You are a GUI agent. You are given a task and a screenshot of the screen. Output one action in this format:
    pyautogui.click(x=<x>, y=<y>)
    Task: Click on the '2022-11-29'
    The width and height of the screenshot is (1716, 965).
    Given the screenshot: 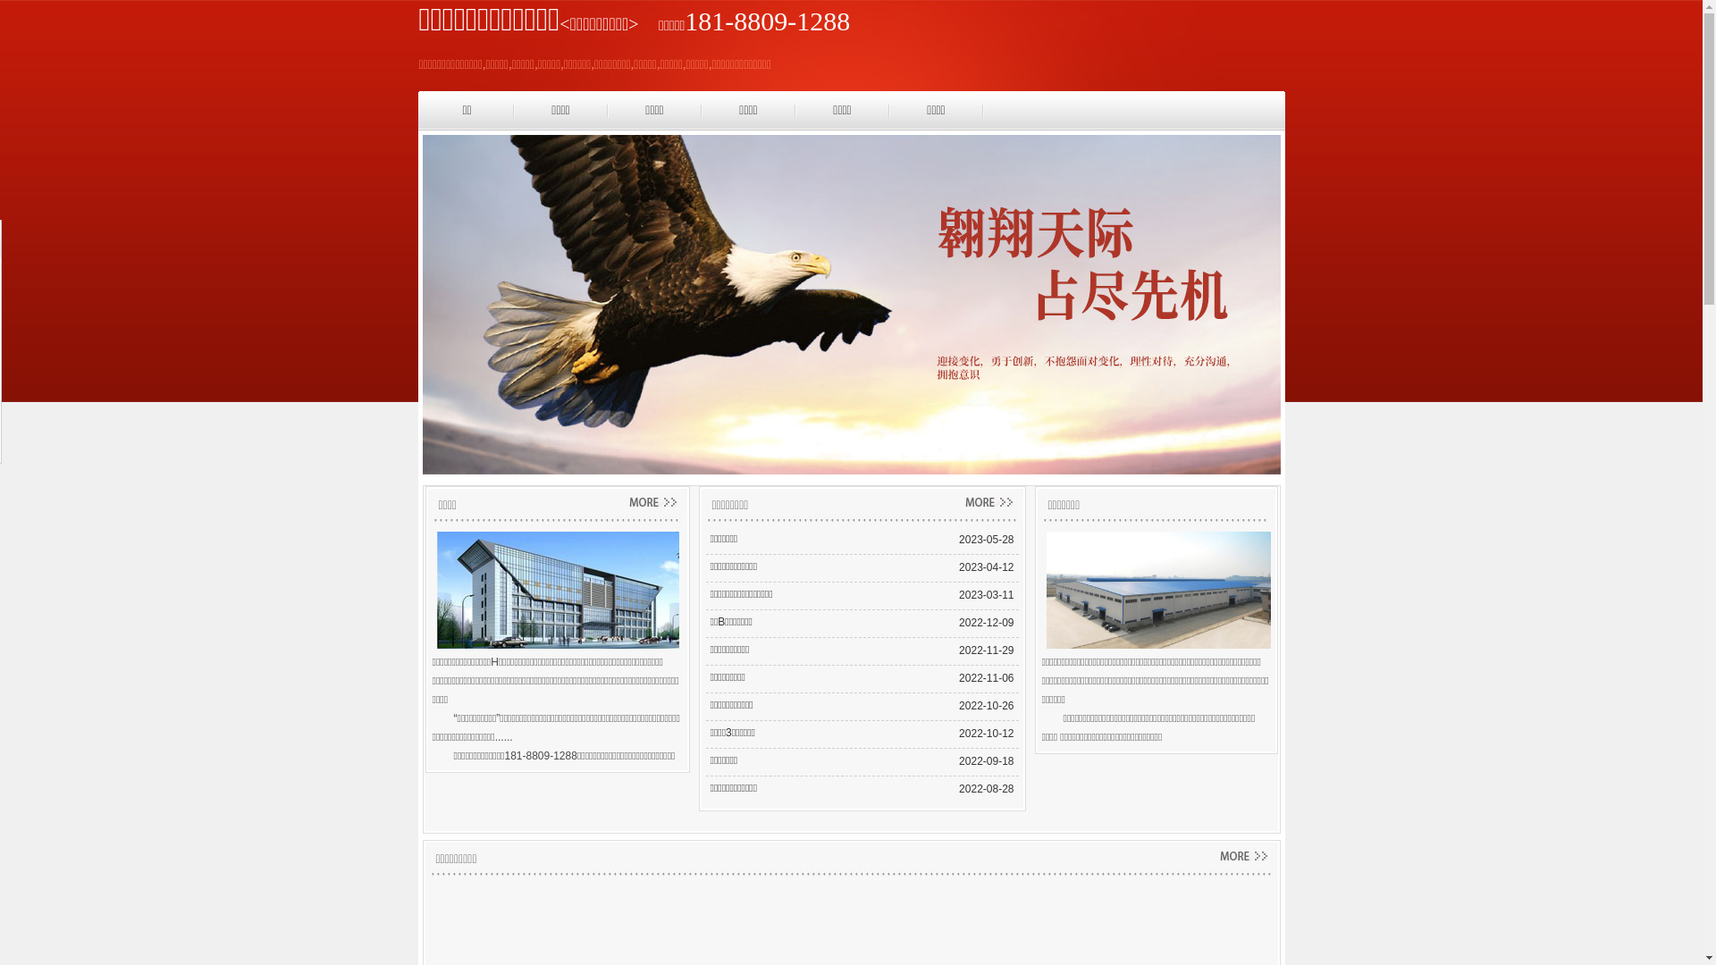 What is the action you would take?
    pyautogui.click(x=985, y=650)
    